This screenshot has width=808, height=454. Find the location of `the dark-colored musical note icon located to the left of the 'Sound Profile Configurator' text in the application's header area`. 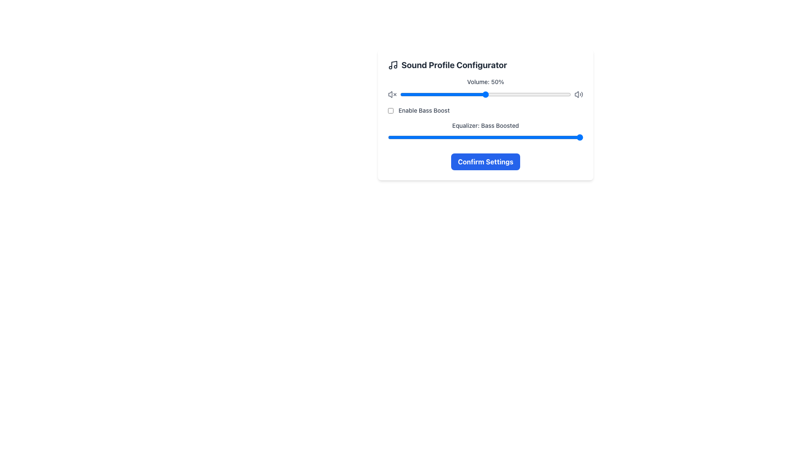

the dark-colored musical note icon located to the left of the 'Sound Profile Configurator' text in the application's header area is located at coordinates (393, 64).